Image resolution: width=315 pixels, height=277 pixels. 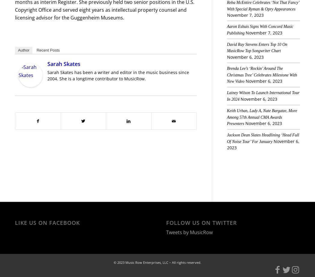 I want to click on 'Like Us on Facebook', so click(x=47, y=222).